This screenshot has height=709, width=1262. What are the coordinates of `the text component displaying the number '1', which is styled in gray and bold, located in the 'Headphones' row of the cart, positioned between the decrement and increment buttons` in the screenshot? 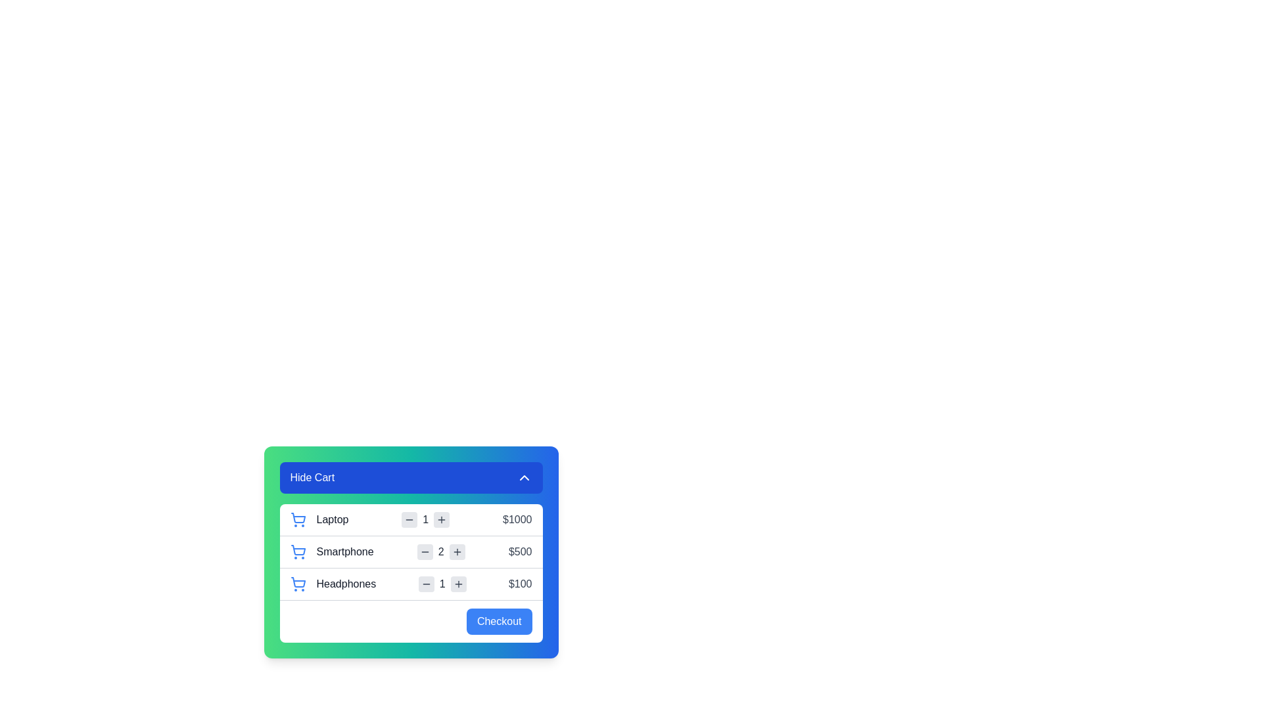 It's located at (442, 584).